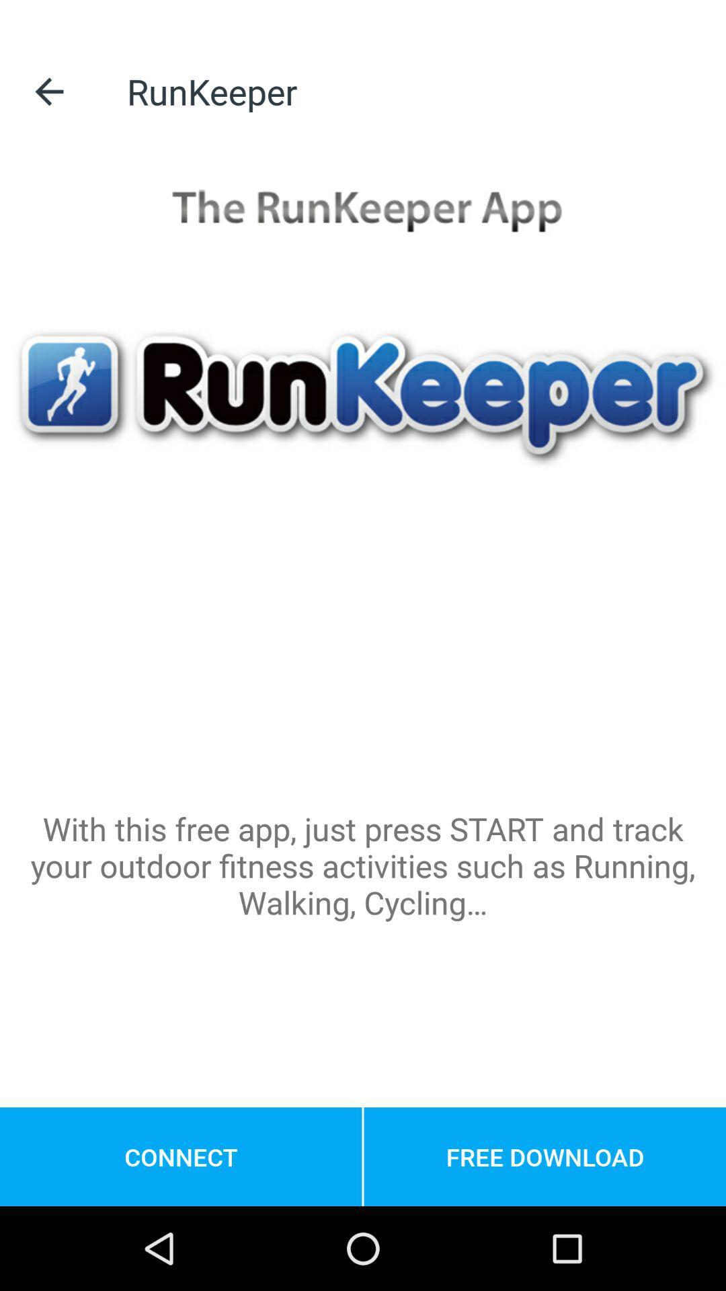 The height and width of the screenshot is (1291, 726). I want to click on the item to the left of the runkeeper item, so click(48, 91).